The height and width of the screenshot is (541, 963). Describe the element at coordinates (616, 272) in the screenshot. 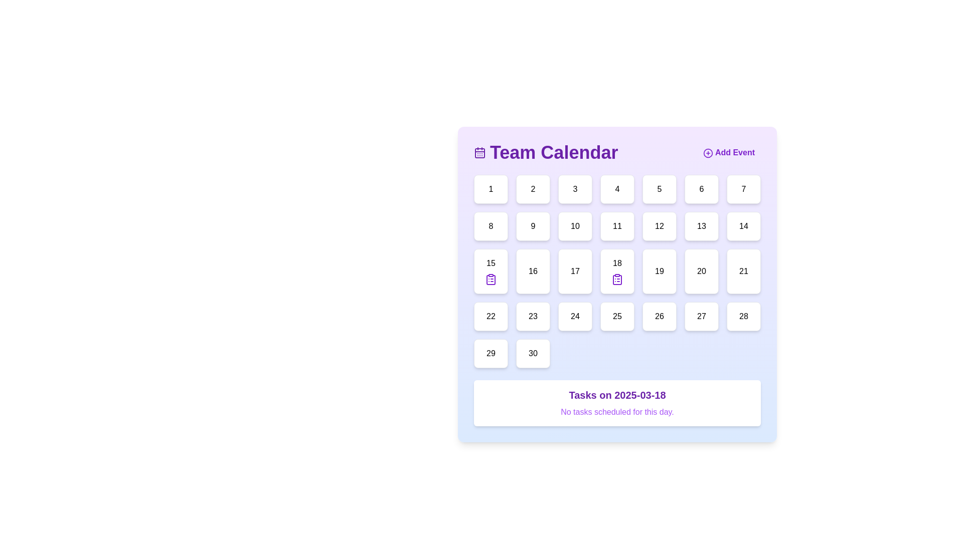

I see `the clipboard icon located inside the calendar cell labeled '18' in the third row and fourth column of the calendar grid` at that location.